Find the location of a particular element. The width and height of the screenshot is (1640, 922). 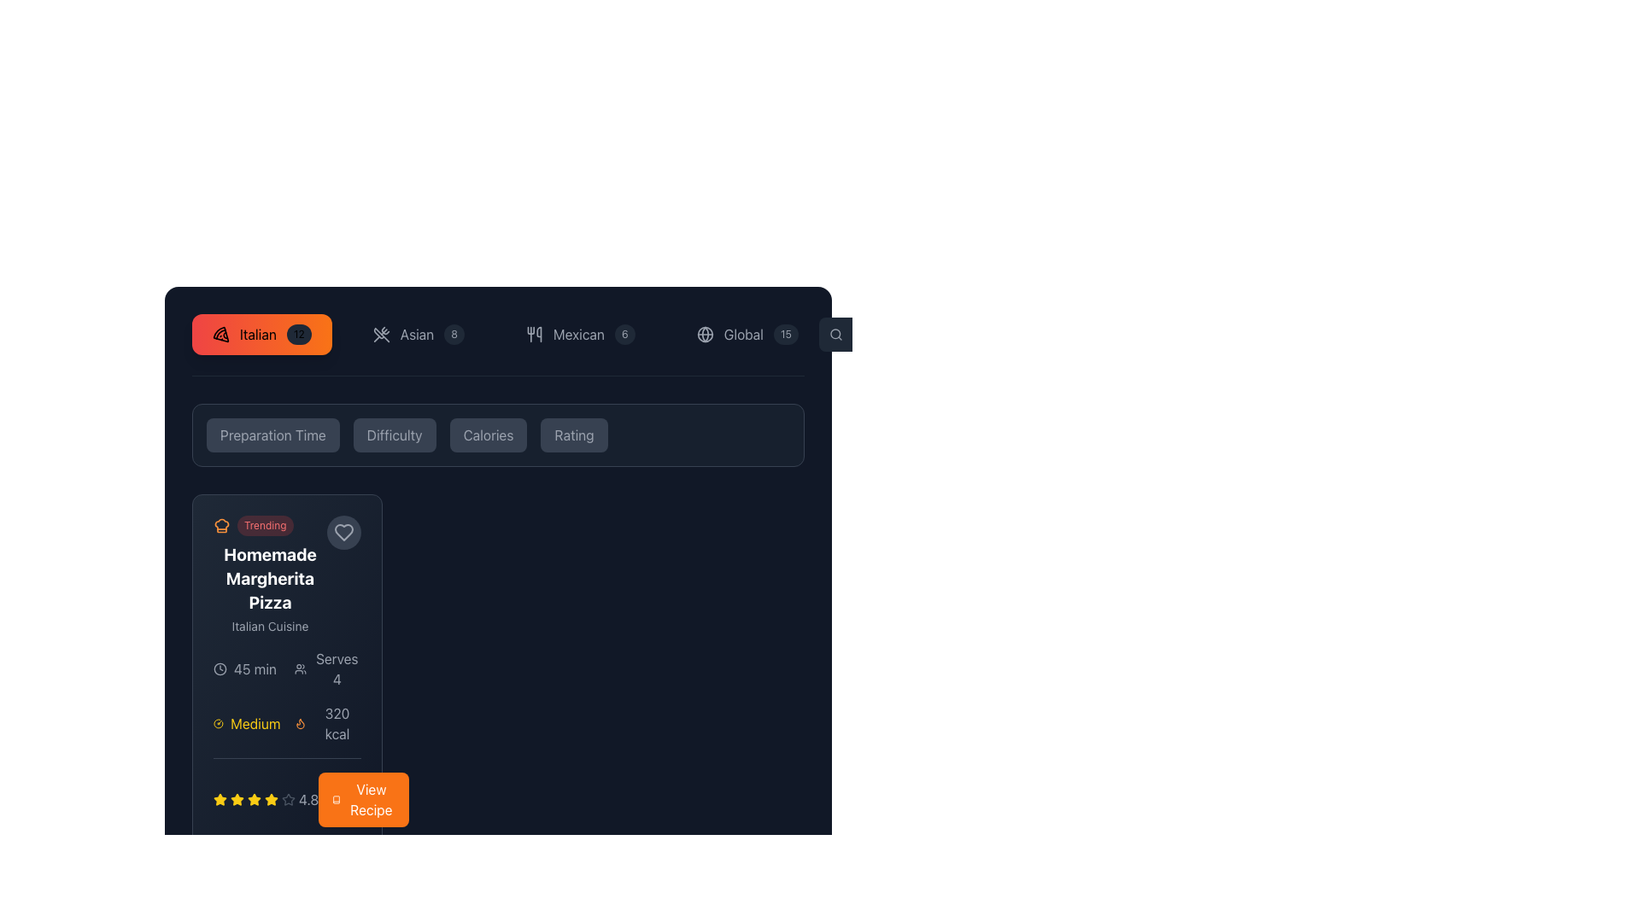

the 'Rating' button, which is a rounded rectangular button with gray background and light gray text, positioned in the fourth place among similar buttons is located at coordinates (574, 434).